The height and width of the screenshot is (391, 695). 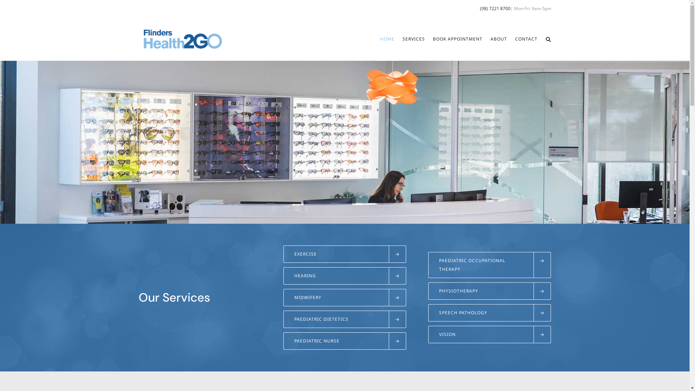 I want to click on 'PAEDIATRIC NURSE', so click(x=344, y=341).